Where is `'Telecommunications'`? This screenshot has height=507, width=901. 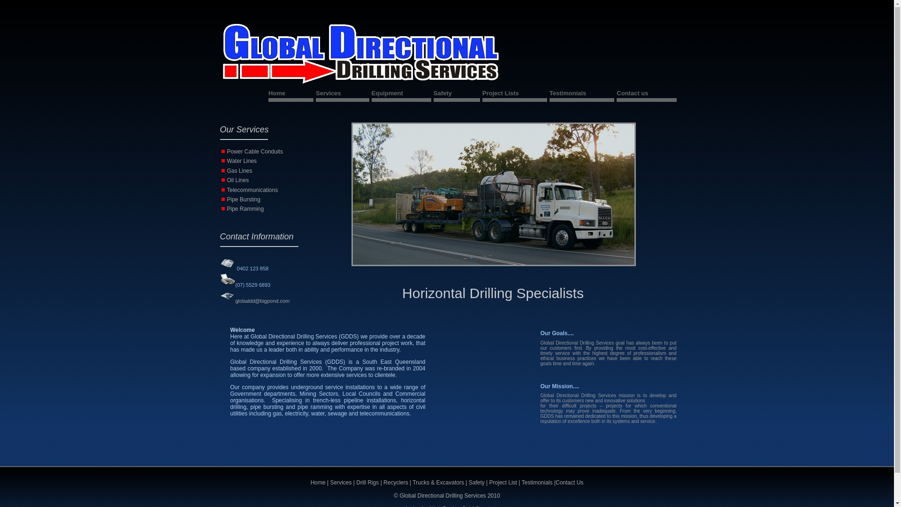 'Telecommunications' is located at coordinates (252, 190).